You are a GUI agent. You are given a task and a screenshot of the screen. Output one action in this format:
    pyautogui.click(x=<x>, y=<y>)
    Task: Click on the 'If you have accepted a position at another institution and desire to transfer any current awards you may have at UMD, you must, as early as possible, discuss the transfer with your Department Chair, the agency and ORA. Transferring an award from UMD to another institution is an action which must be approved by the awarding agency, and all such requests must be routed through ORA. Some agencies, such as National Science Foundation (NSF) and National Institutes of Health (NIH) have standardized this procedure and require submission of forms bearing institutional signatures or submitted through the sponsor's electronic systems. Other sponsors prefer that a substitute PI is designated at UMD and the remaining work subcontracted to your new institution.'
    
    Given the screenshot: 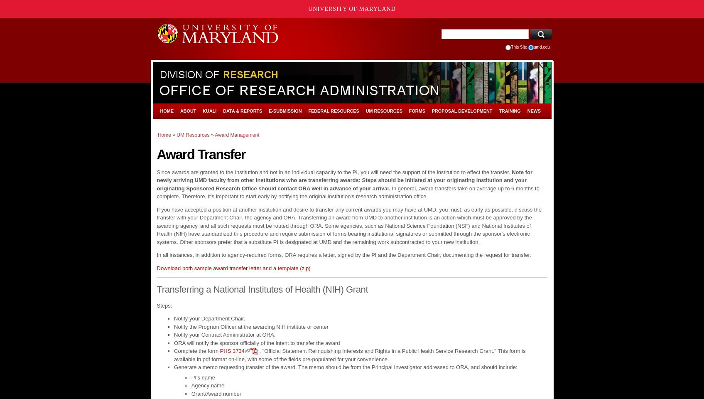 What is the action you would take?
    pyautogui.click(x=349, y=225)
    